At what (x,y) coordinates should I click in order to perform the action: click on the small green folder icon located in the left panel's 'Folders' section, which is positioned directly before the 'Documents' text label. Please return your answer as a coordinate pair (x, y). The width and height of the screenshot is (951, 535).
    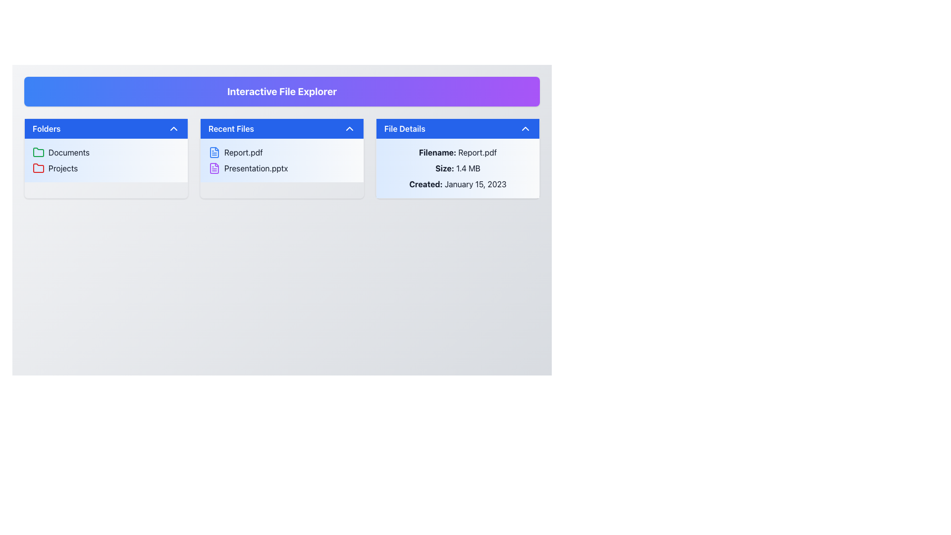
    Looking at the image, I should click on (38, 153).